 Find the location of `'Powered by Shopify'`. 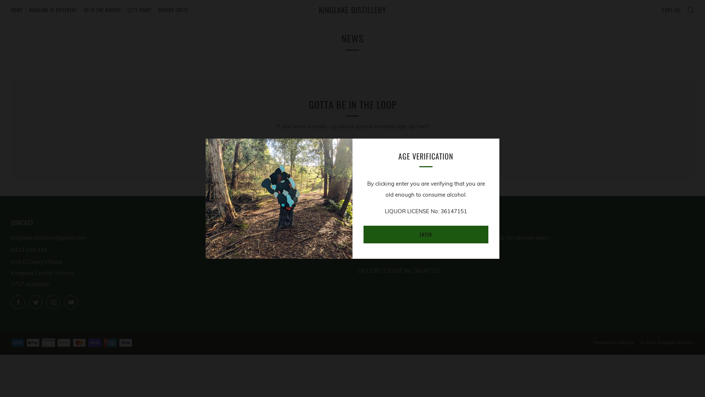

'Powered by Shopify' is located at coordinates (613, 342).